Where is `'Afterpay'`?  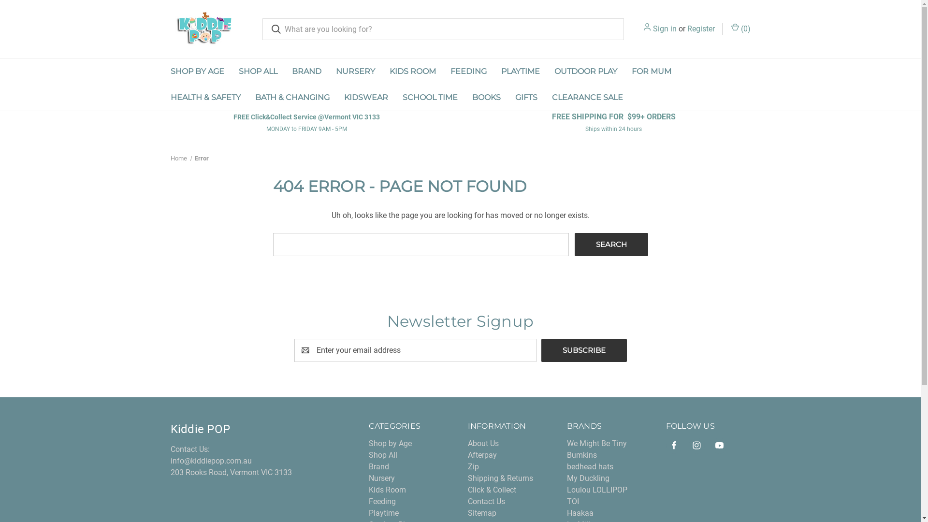
'Afterpay' is located at coordinates (468, 455).